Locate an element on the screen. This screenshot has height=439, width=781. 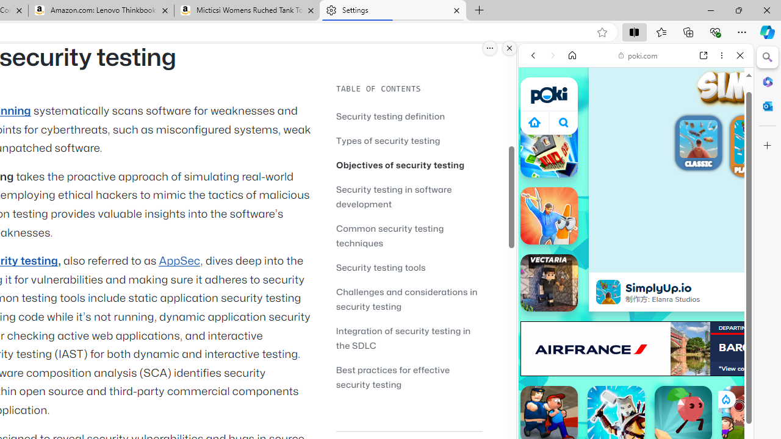
'Security testing tools' is located at coordinates (380, 266).